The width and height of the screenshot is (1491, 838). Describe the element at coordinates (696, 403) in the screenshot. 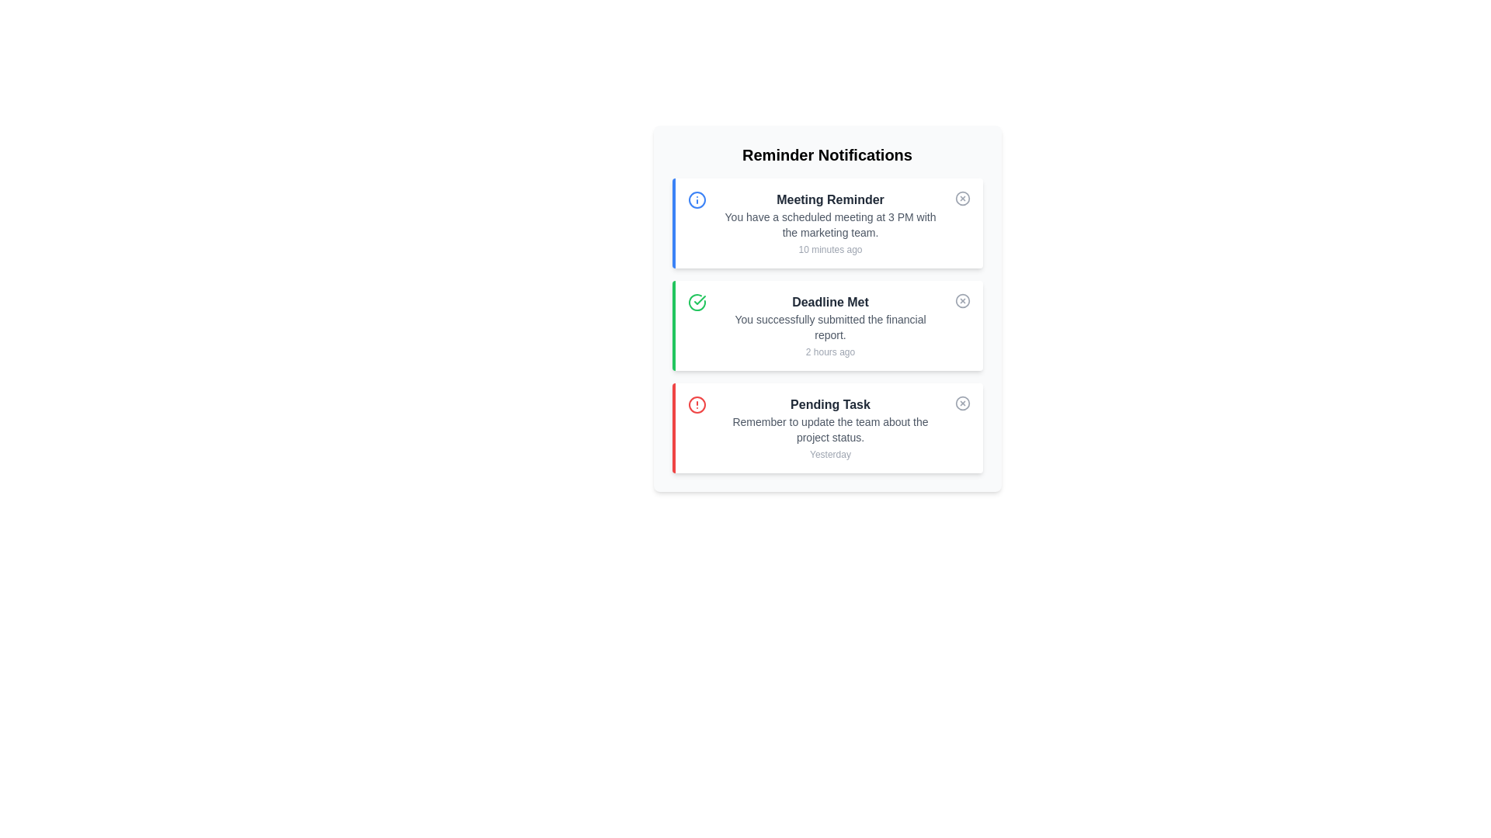

I see `the circular border of the red warning icon indicating a 'Pending Task' notification in the bottom-most card of the notifications list` at that location.